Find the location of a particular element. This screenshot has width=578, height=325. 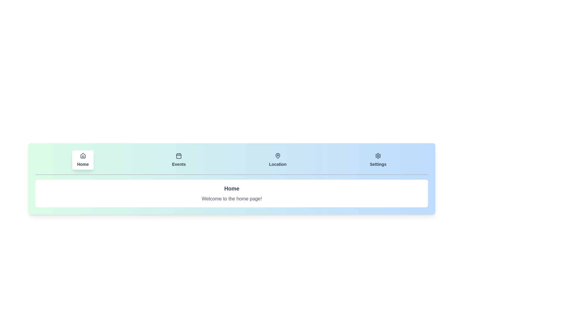

the tab corresponding to Home is located at coordinates (82, 160).